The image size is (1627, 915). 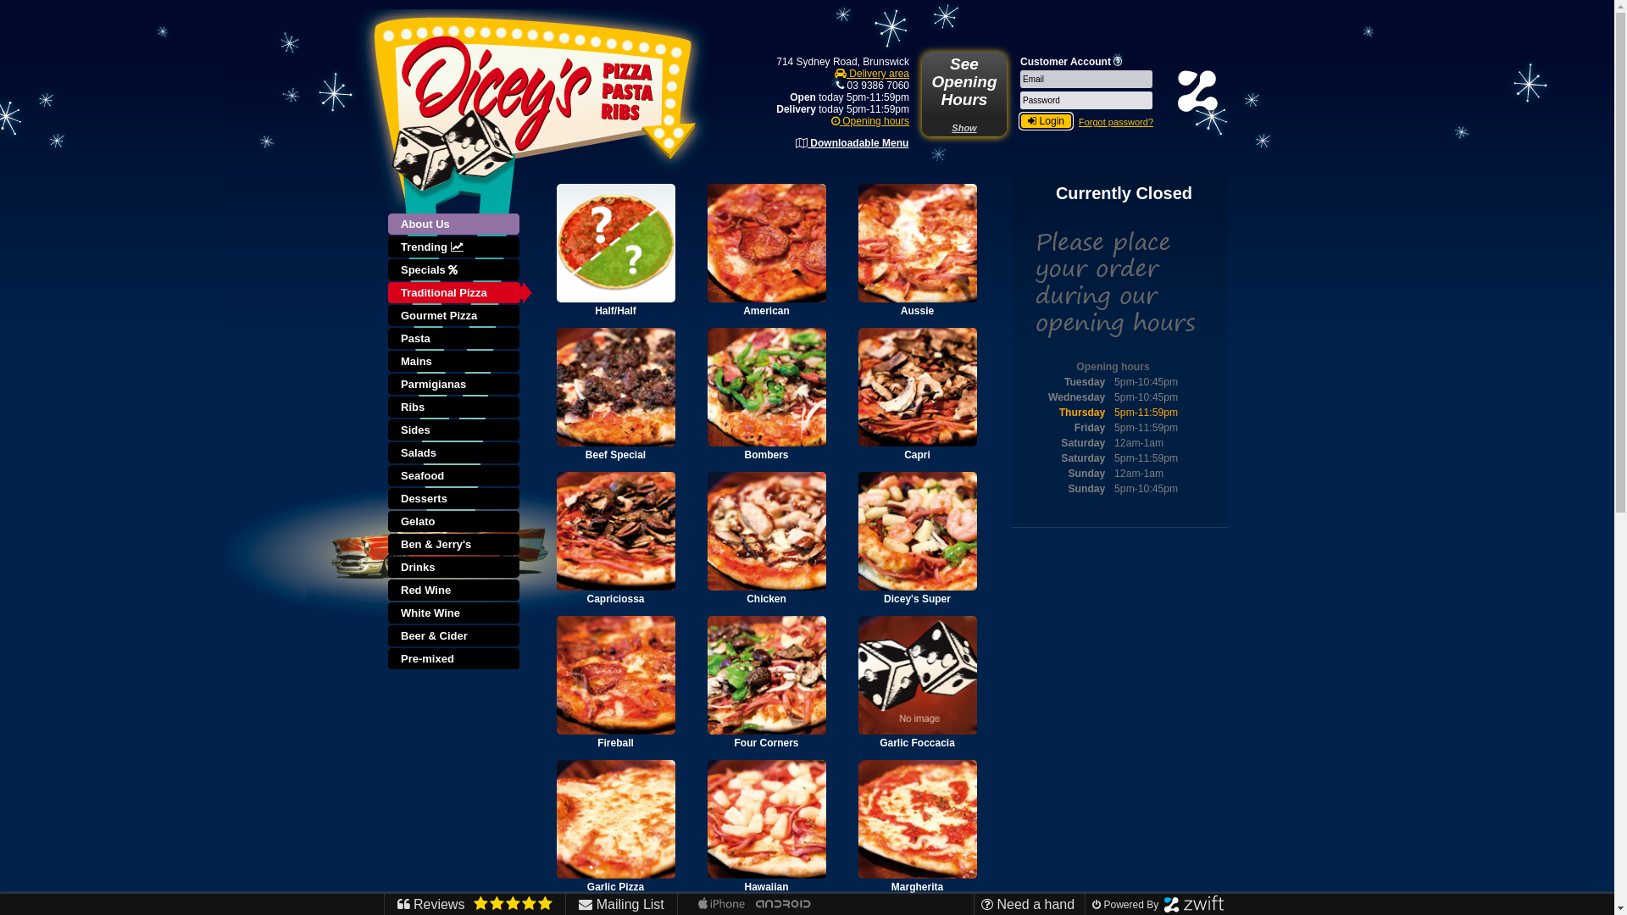 I want to click on 'Desserts', so click(x=455, y=498).